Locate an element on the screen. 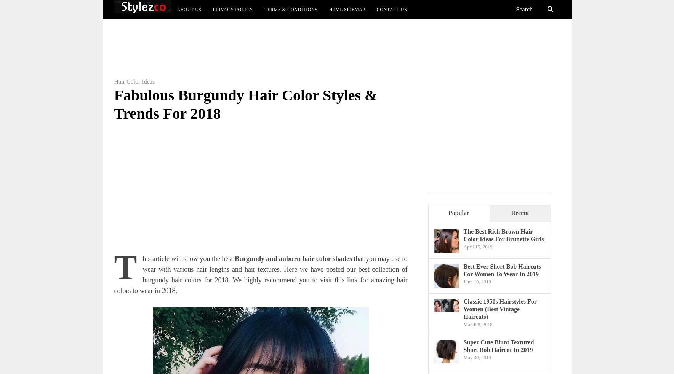 The width and height of the screenshot is (674, 374). 'Terms & Conditions' is located at coordinates (290, 9).